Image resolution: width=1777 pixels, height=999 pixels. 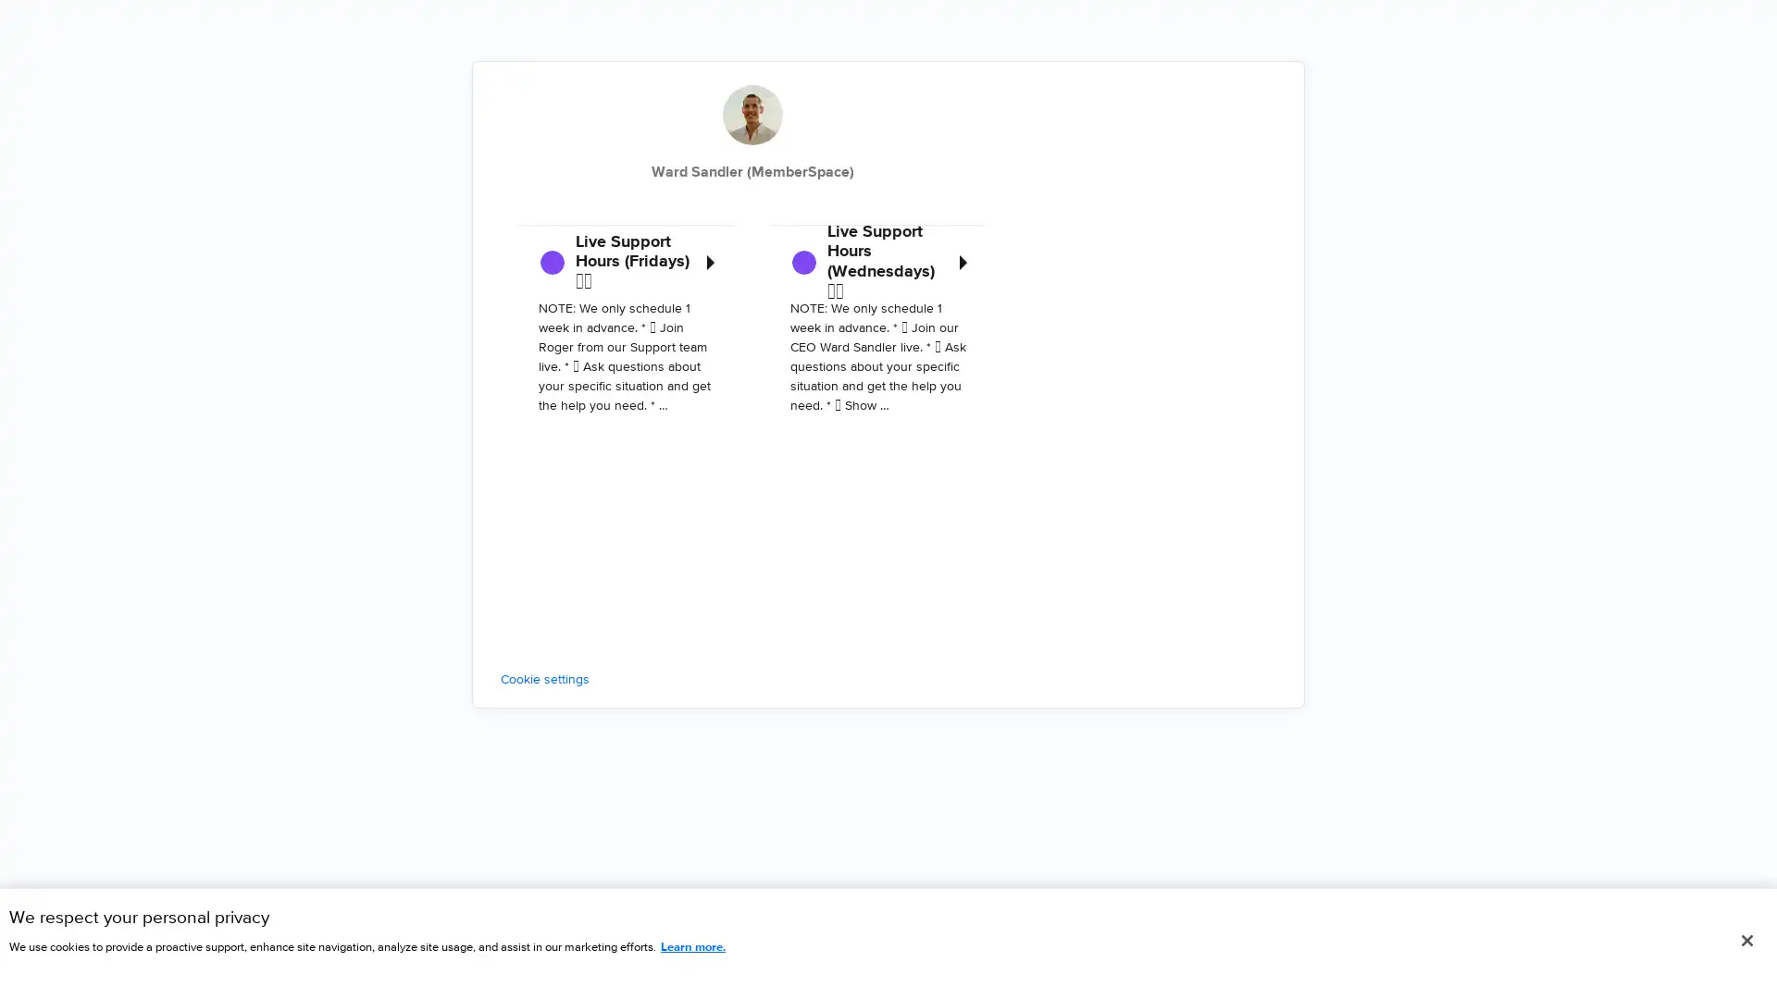 What do you see at coordinates (470, 680) in the screenshot?
I see `Cookie settings` at bounding box center [470, 680].